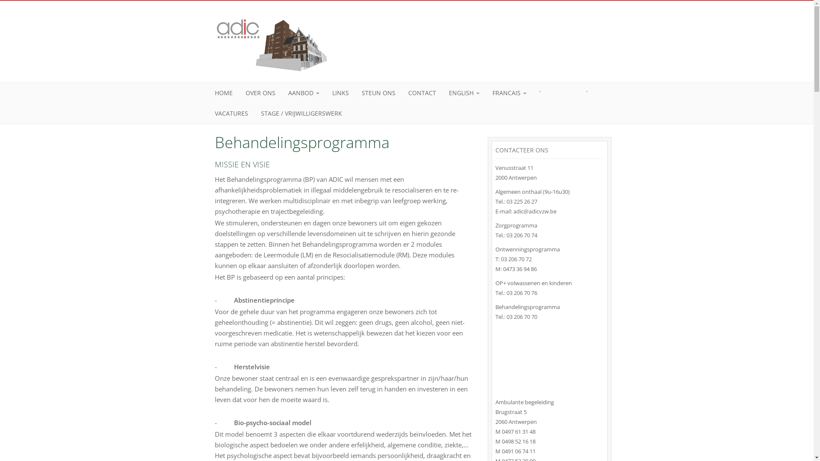 The width and height of the screenshot is (820, 461). I want to click on 'OVER ONS', so click(239, 93).